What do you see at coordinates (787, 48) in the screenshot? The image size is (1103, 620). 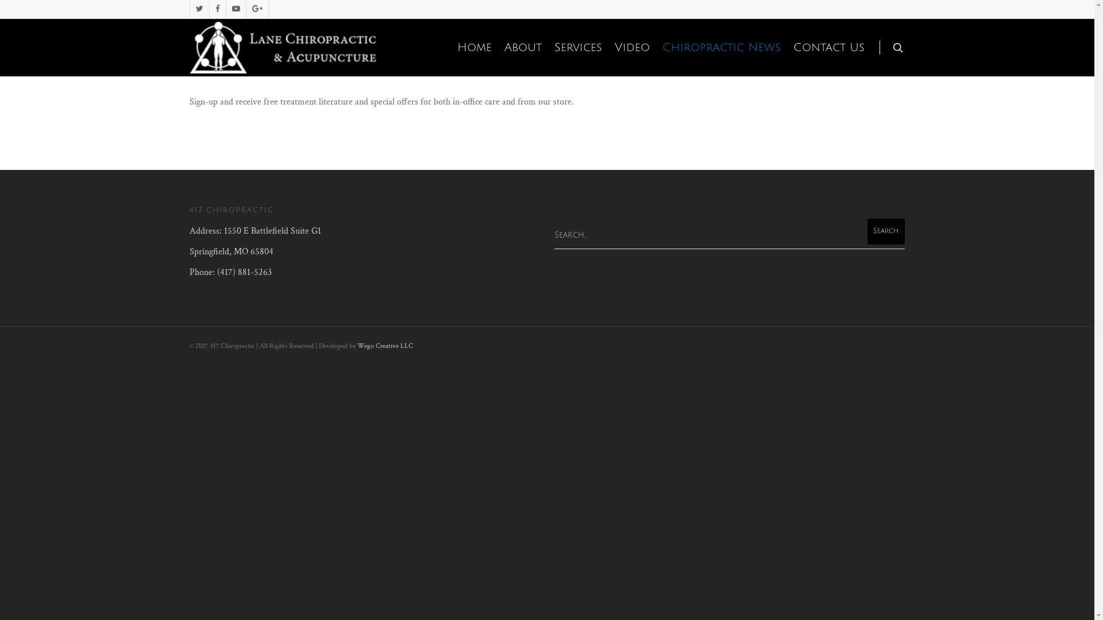 I see `'Contact Us'` at bounding box center [787, 48].